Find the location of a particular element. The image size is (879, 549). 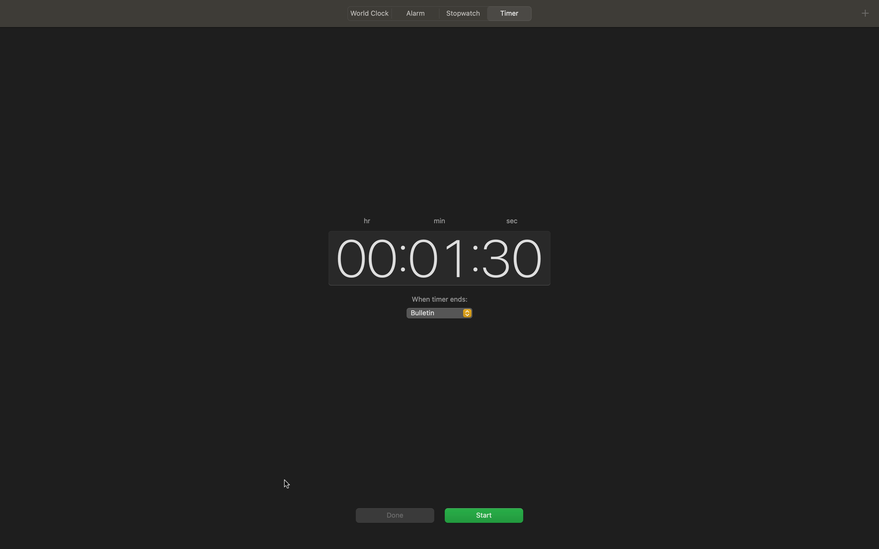

the timer by hitting the green start button is located at coordinates (483, 515).